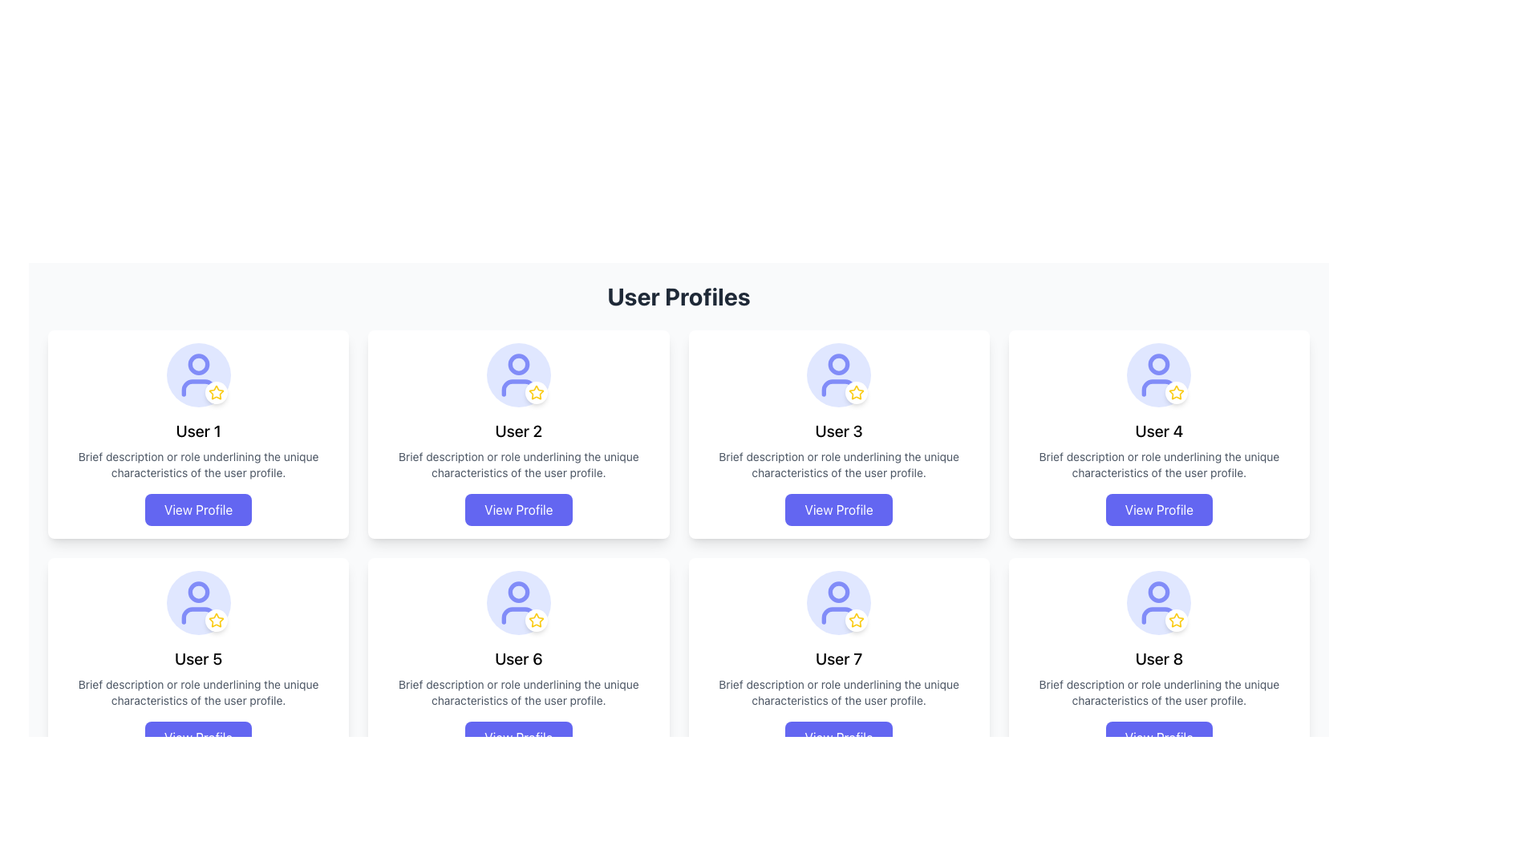 This screenshot has height=866, width=1540. What do you see at coordinates (1159, 430) in the screenshot?
I see `text of the 'User 4' title, which is styled with medium font size and bold weight, located in the fourth user card from the left in the top row of the grid layout` at bounding box center [1159, 430].